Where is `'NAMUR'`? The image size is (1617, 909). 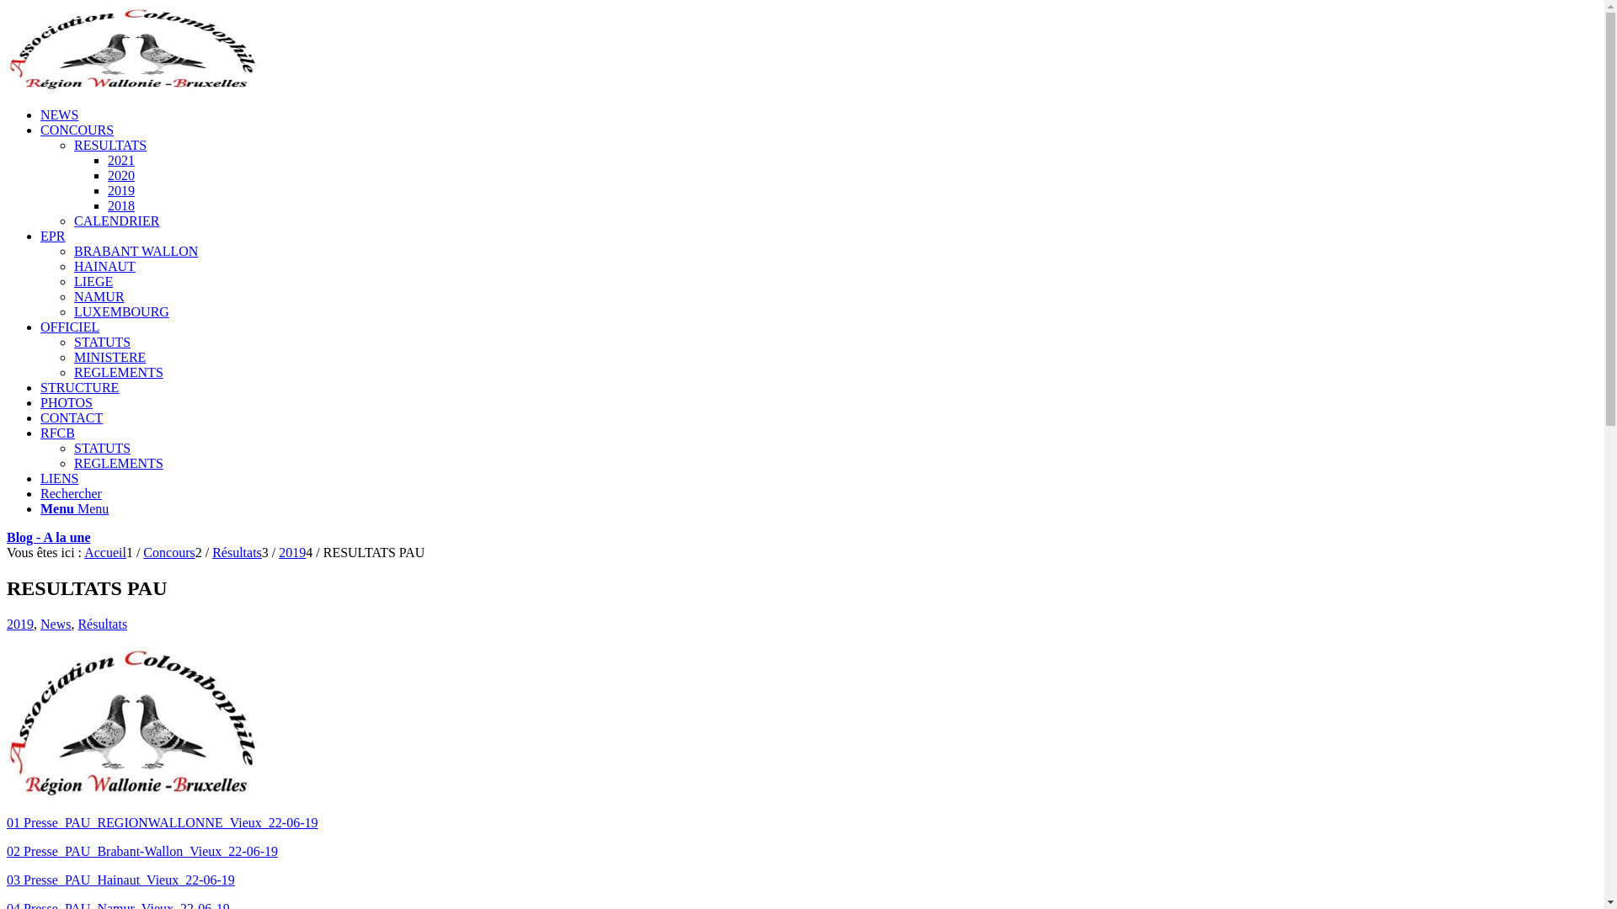
'NAMUR' is located at coordinates (99, 295).